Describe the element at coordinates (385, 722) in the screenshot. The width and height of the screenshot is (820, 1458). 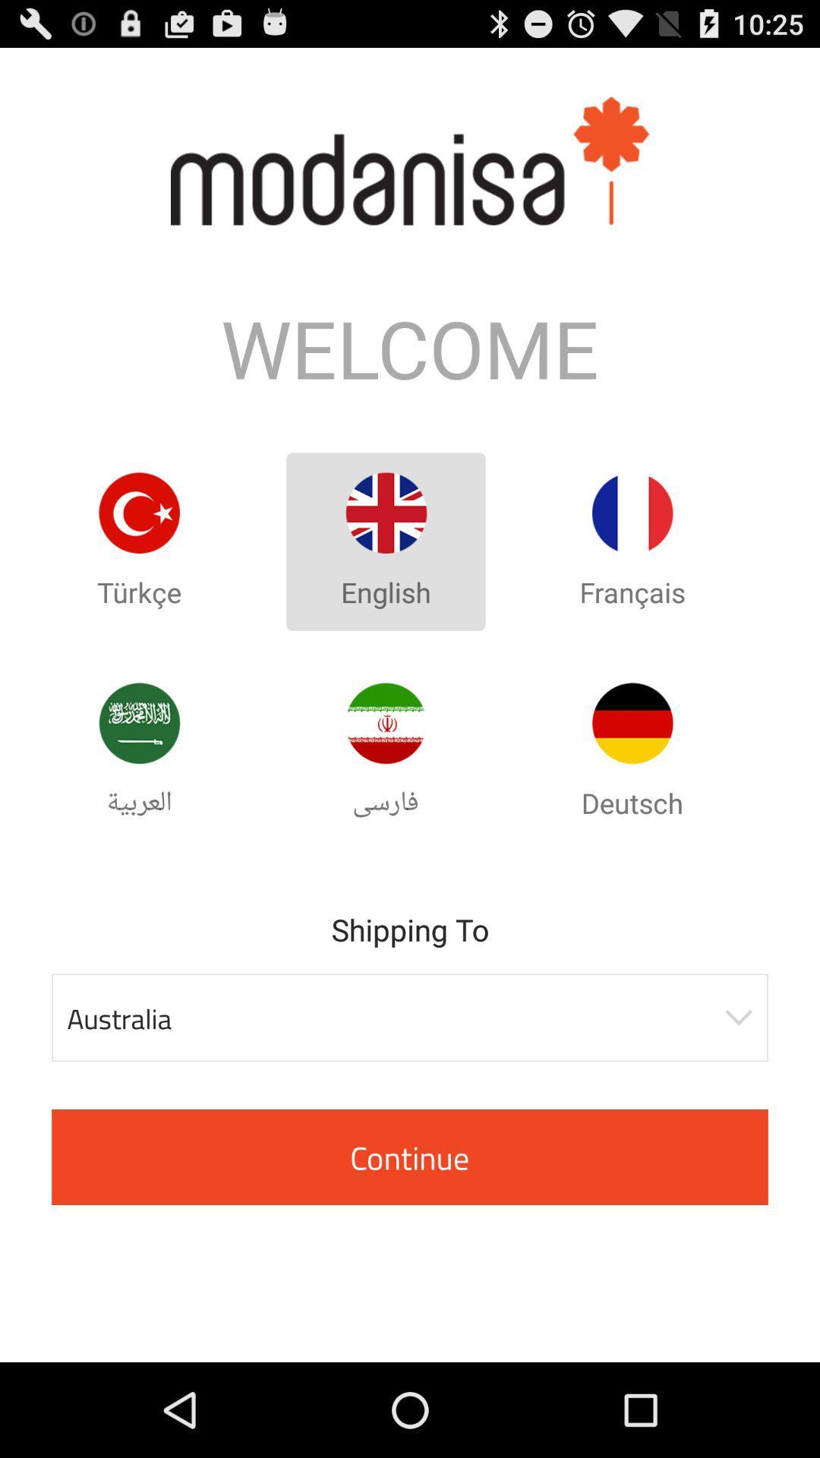
I see `switch to hebrew` at that location.